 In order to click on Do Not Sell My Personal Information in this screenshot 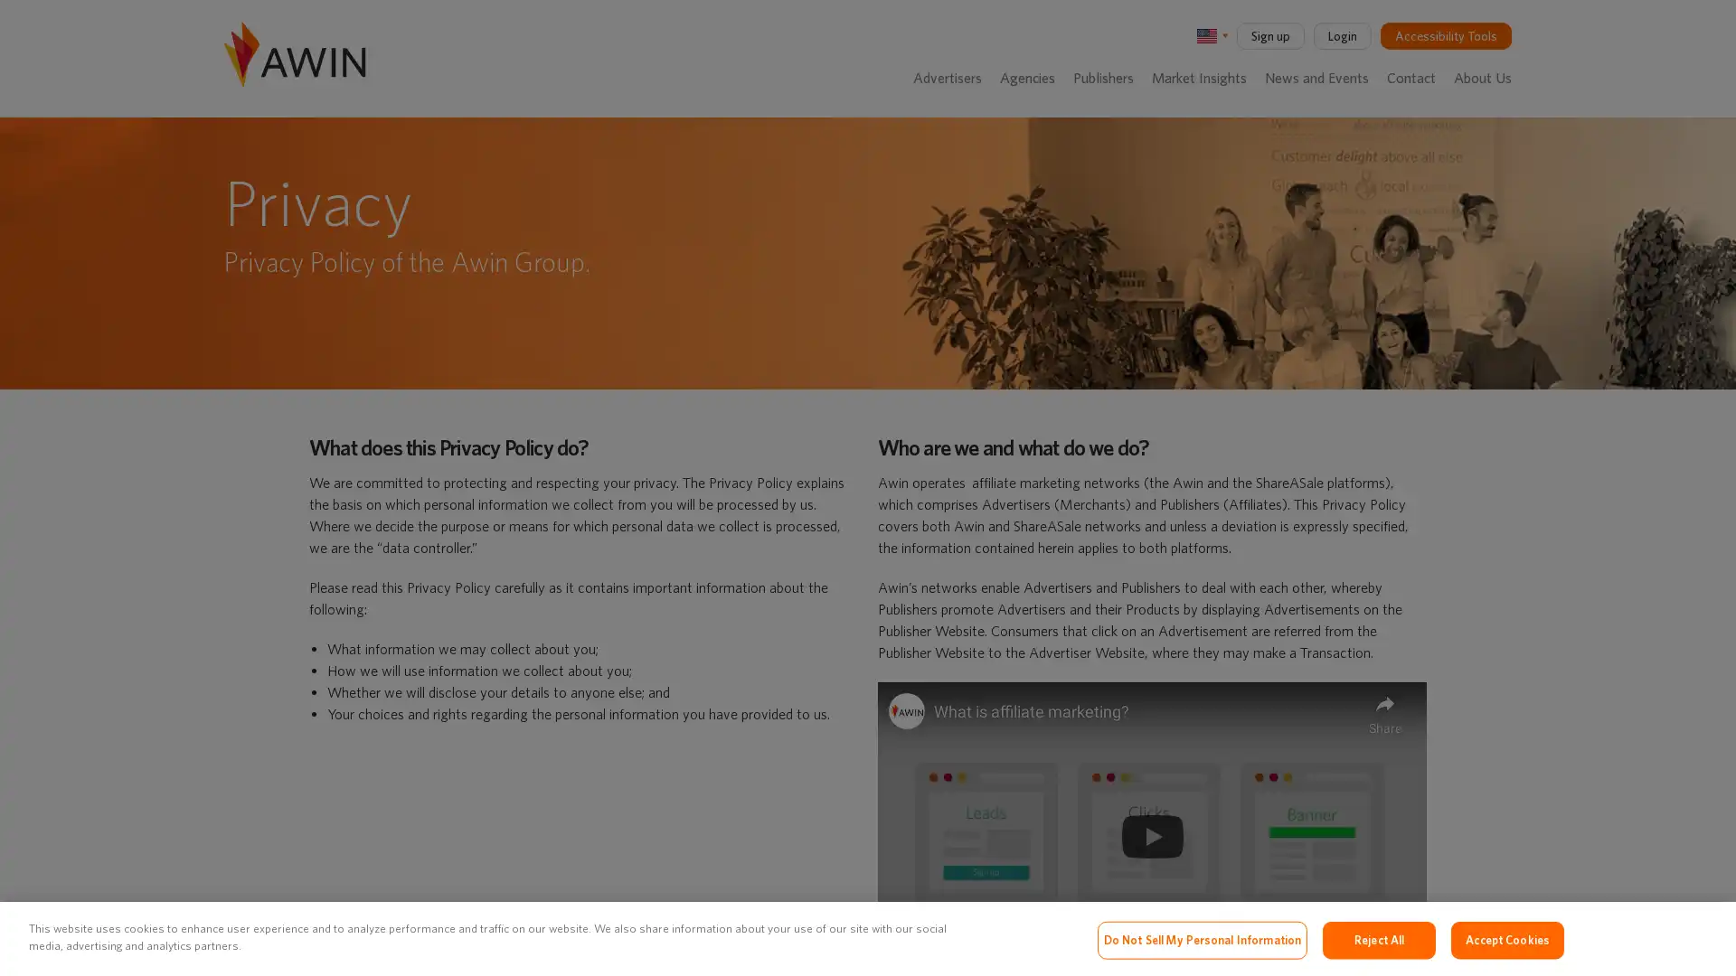, I will do `click(1202, 939)`.